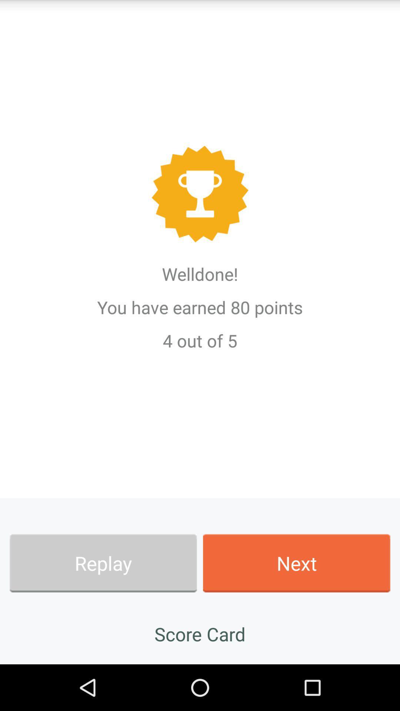 Image resolution: width=400 pixels, height=711 pixels. Describe the element at coordinates (296, 563) in the screenshot. I see `the app next to the replay` at that location.